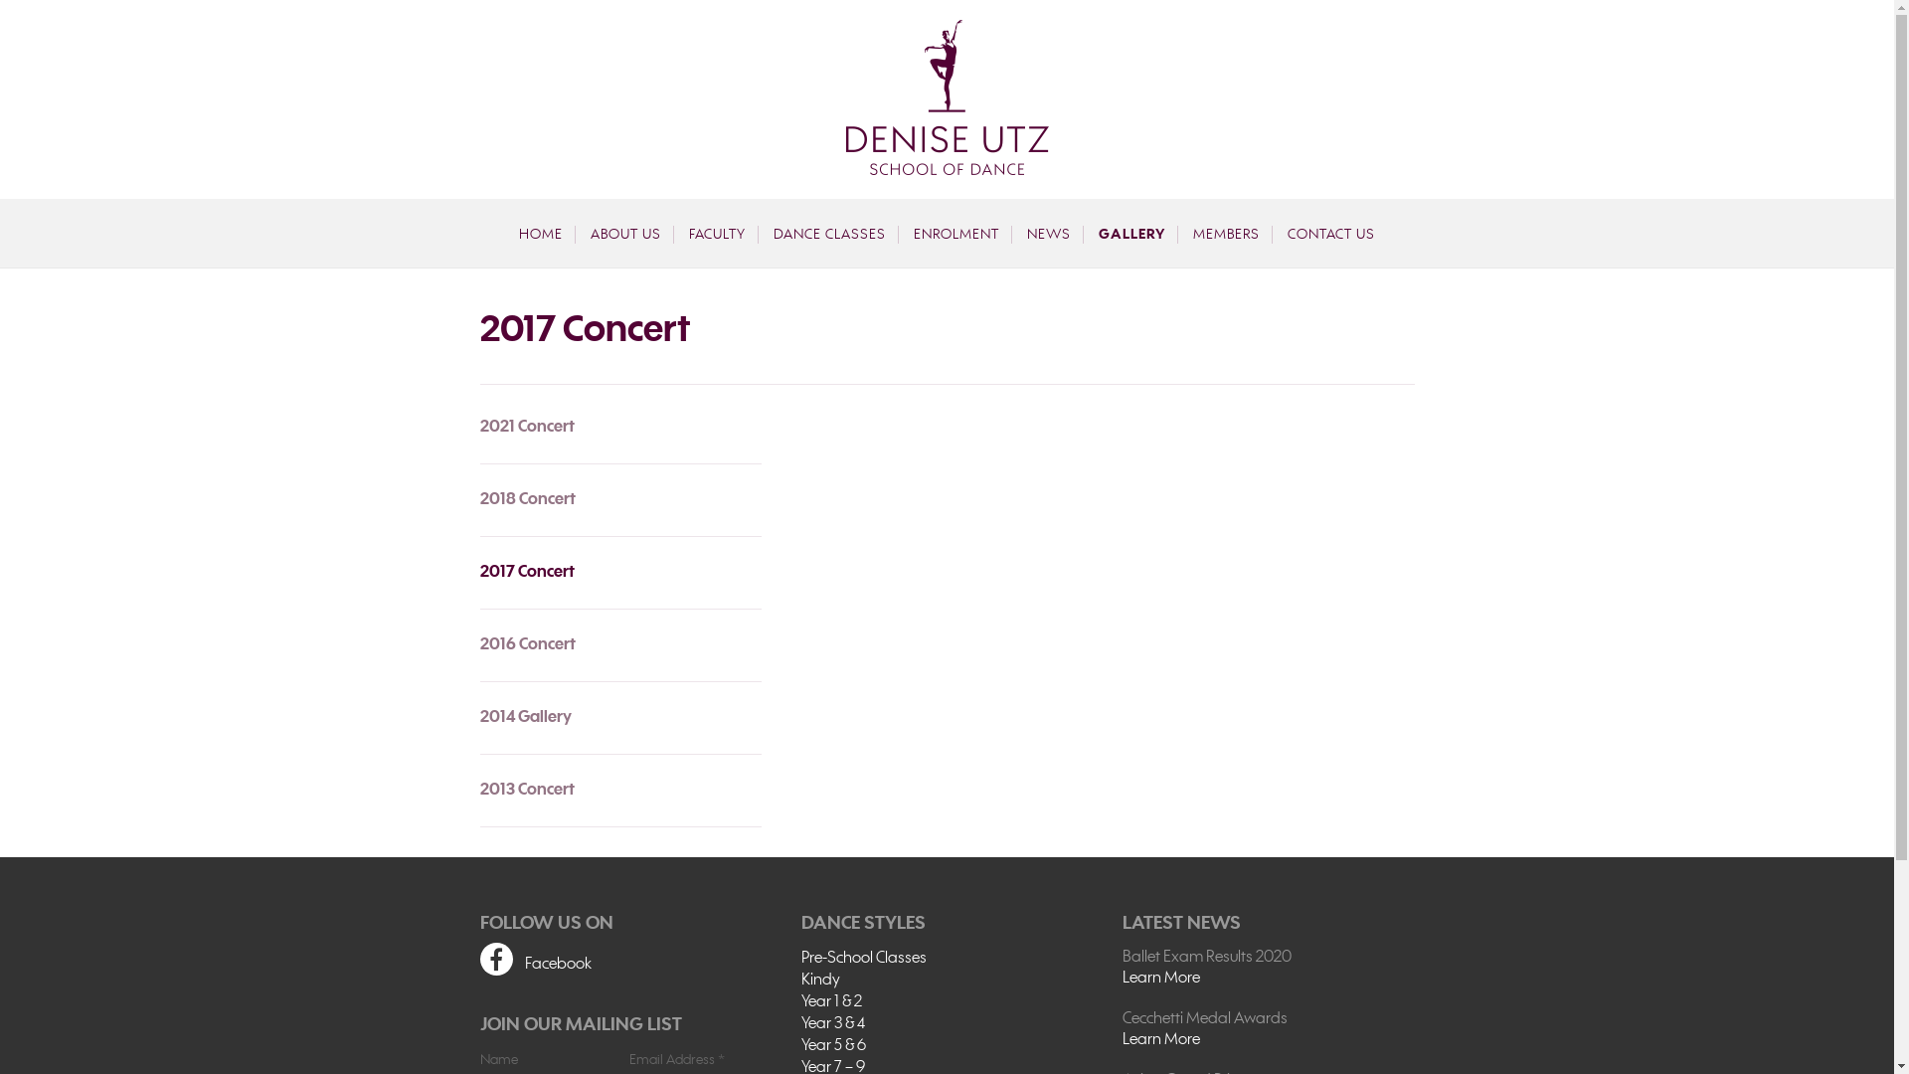 The image size is (1909, 1074). I want to click on 'Facebook', so click(623, 961).